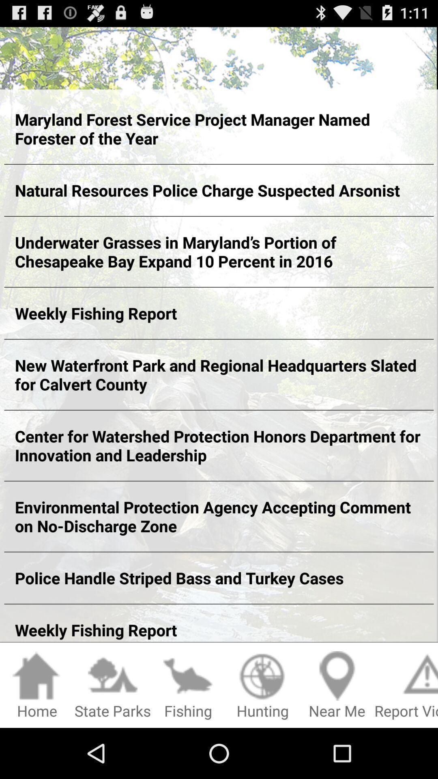 The height and width of the screenshot is (779, 438). I want to click on the item to the right of the near me item, so click(406, 685).